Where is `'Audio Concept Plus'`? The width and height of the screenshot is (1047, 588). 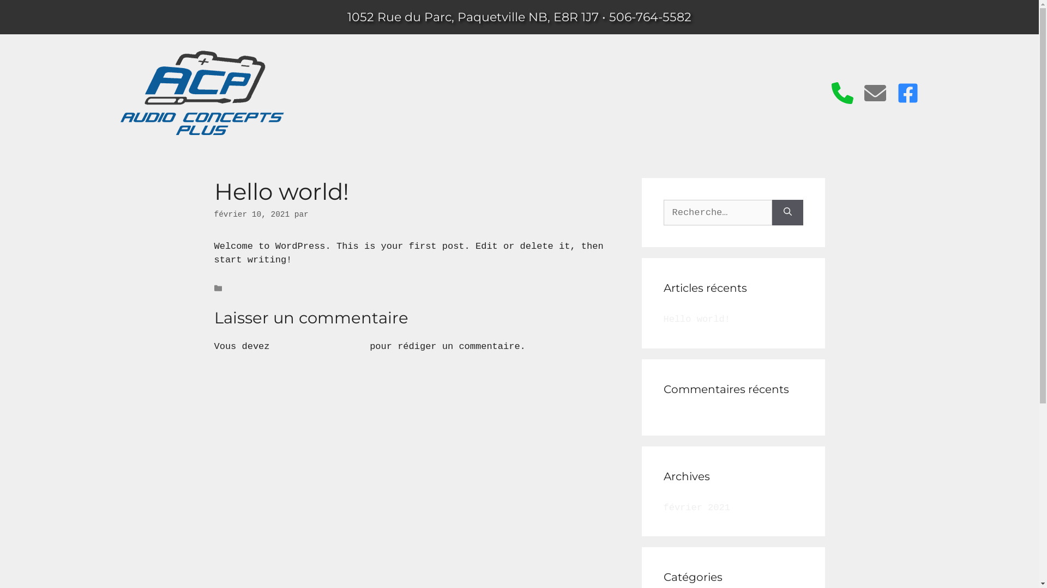
'Audio Concept Plus' is located at coordinates (120, 132).